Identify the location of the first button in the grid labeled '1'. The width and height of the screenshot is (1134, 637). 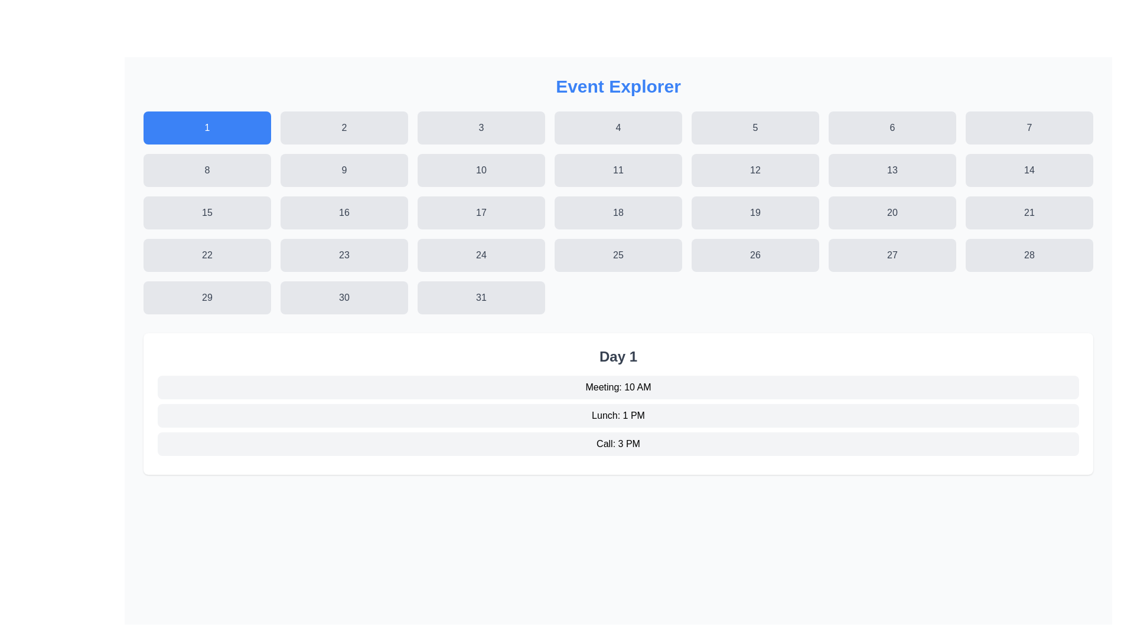
(207, 127).